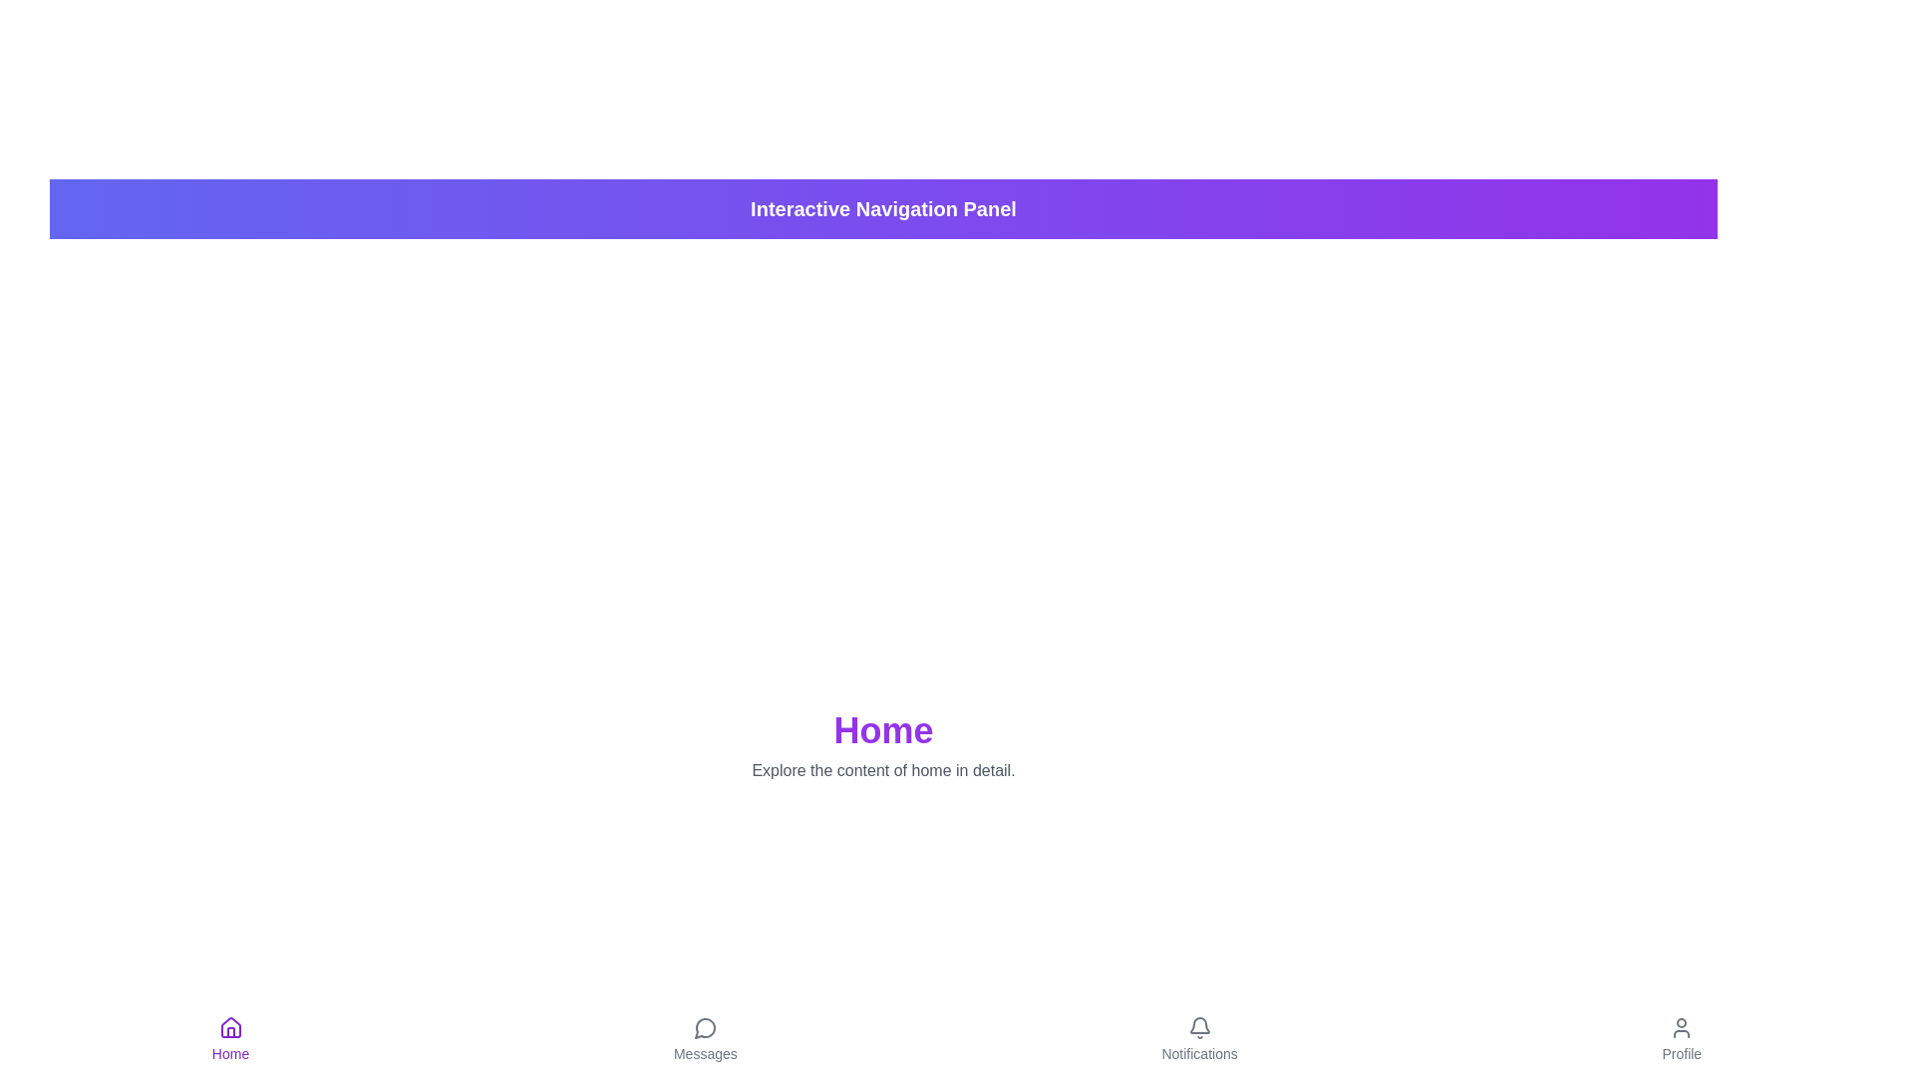 This screenshot has height=1076, width=1914. Describe the element at coordinates (230, 1039) in the screenshot. I see `the Home tab to navigate to the corresponding view` at that location.